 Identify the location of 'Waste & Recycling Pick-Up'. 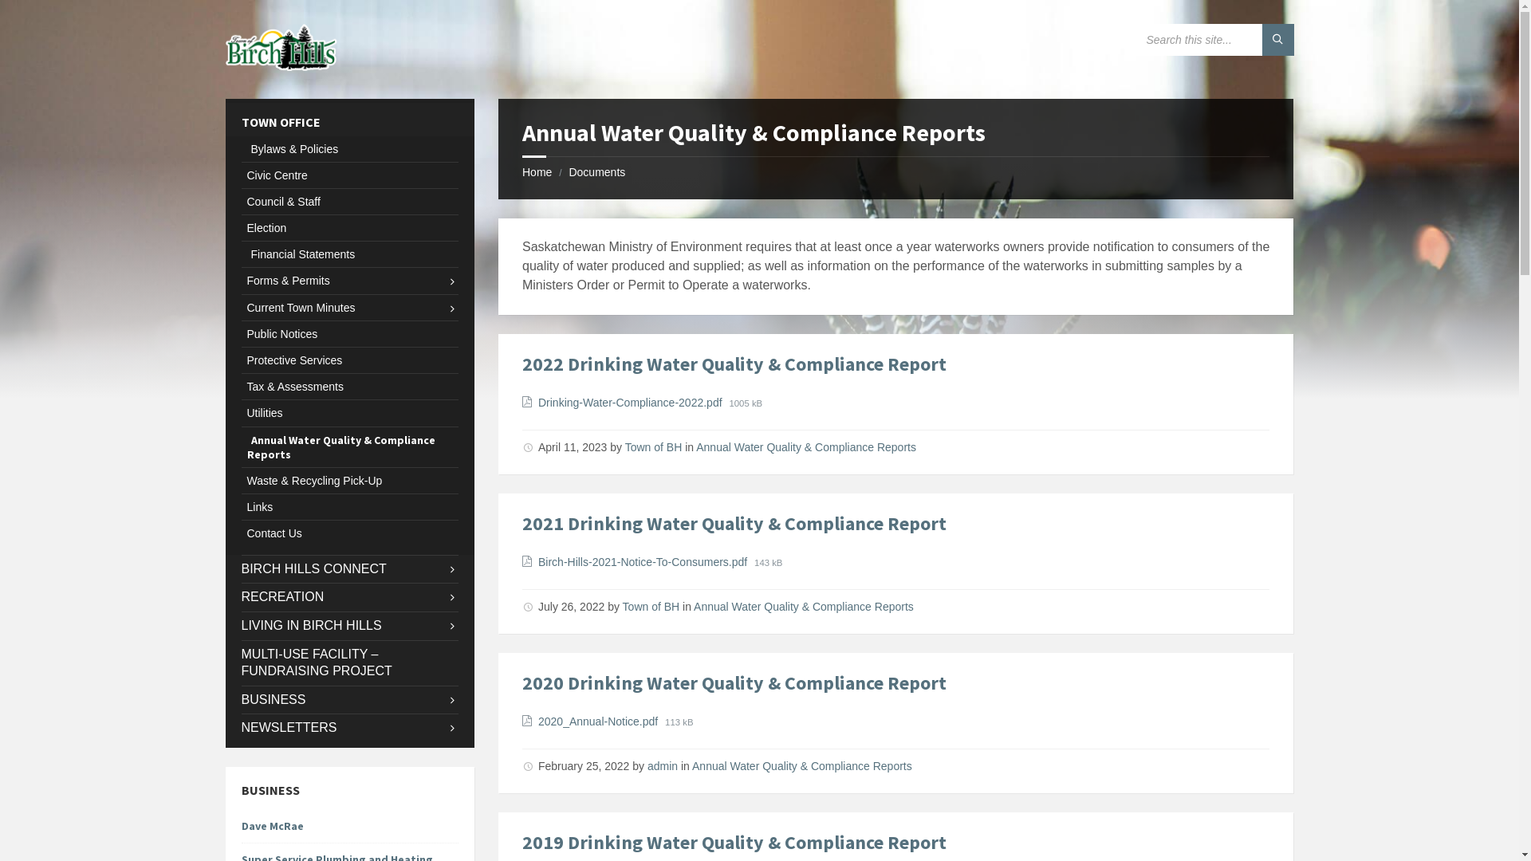
(348, 479).